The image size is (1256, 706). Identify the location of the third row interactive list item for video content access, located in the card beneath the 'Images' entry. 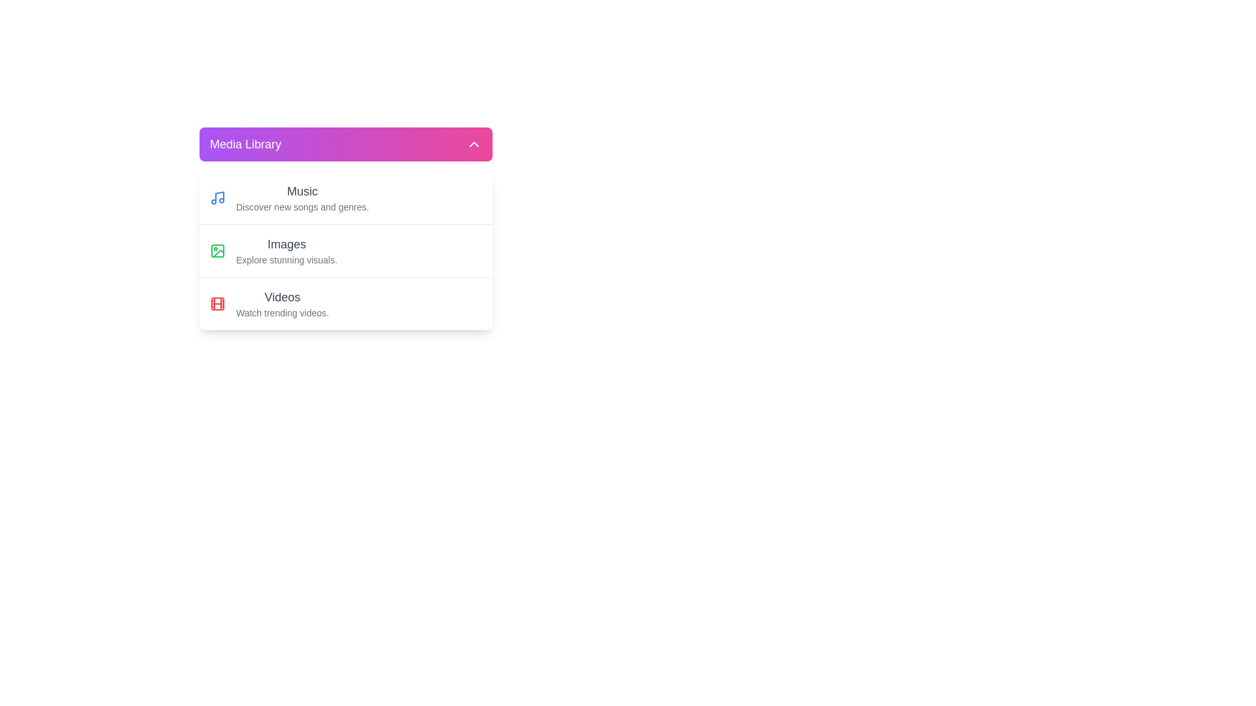
(345, 303).